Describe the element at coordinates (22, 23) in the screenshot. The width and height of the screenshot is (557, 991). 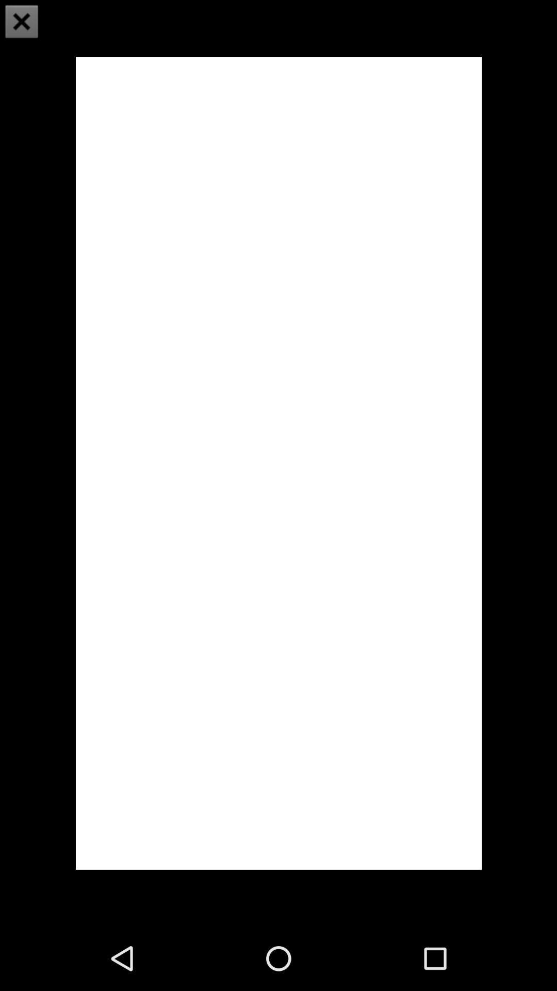
I see `the close icon` at that location.